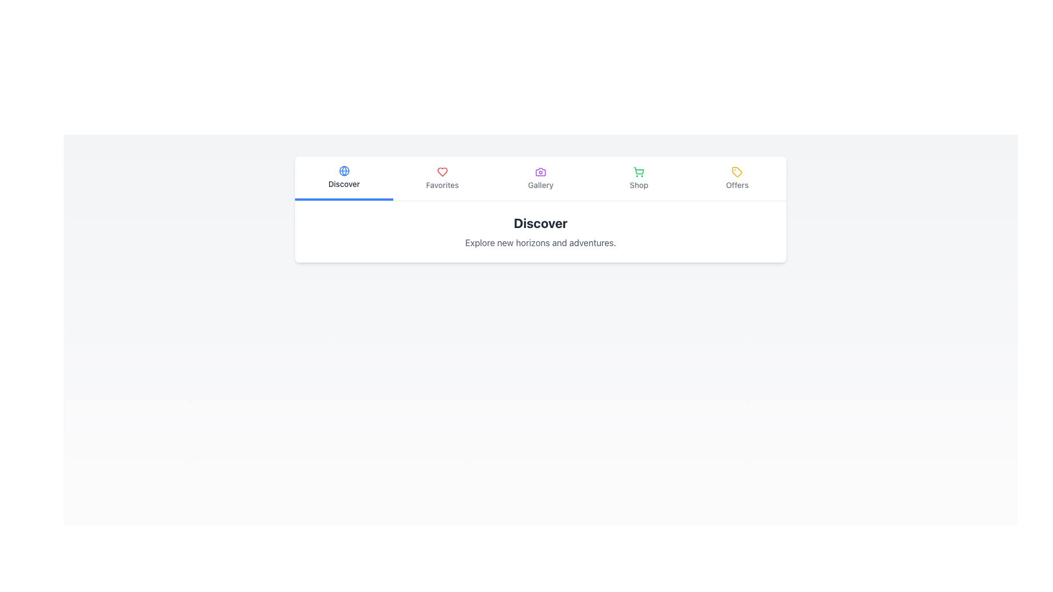 The width and height of the screenshot is (1053, 592). I want to click on the circular graphic element that is part of the globe icon located near the top-left area of the interface header, above the 'Discover' label, so click(343, 171).